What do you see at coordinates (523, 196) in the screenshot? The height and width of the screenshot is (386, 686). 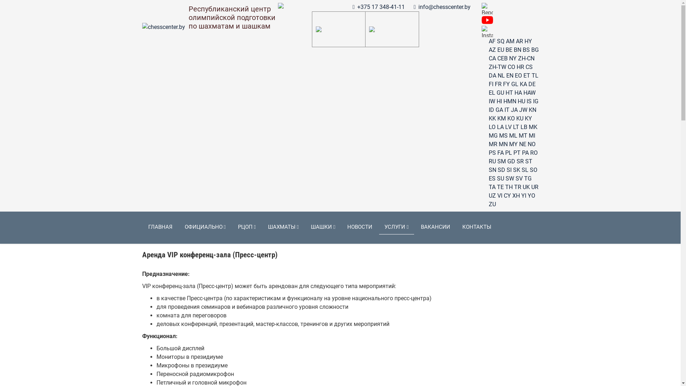 I see `'YI'` at bounding box center [523, 196].